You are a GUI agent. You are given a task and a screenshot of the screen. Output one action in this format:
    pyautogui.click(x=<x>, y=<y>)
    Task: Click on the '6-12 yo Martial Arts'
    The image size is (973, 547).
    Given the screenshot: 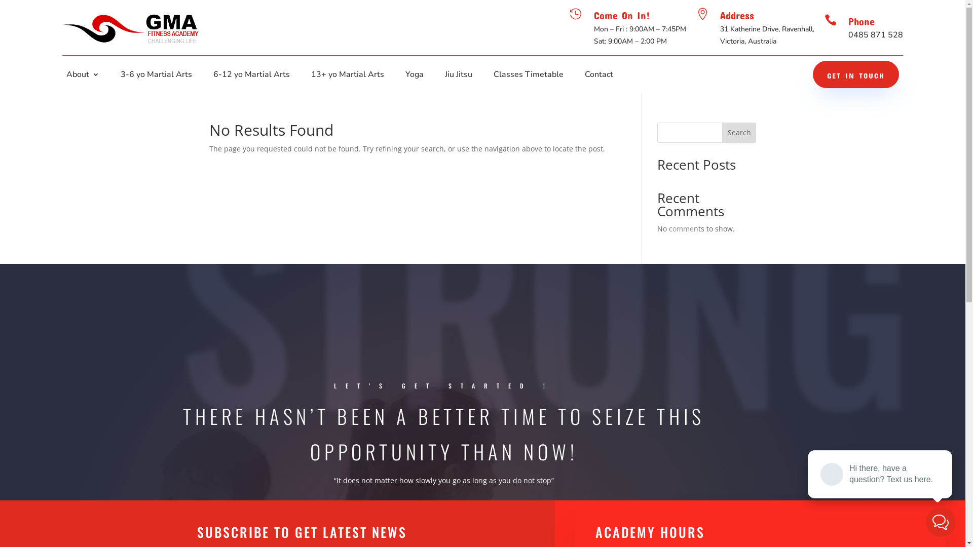 What is the action you would take?
    pyautogui.click(x=251, y=75)
    